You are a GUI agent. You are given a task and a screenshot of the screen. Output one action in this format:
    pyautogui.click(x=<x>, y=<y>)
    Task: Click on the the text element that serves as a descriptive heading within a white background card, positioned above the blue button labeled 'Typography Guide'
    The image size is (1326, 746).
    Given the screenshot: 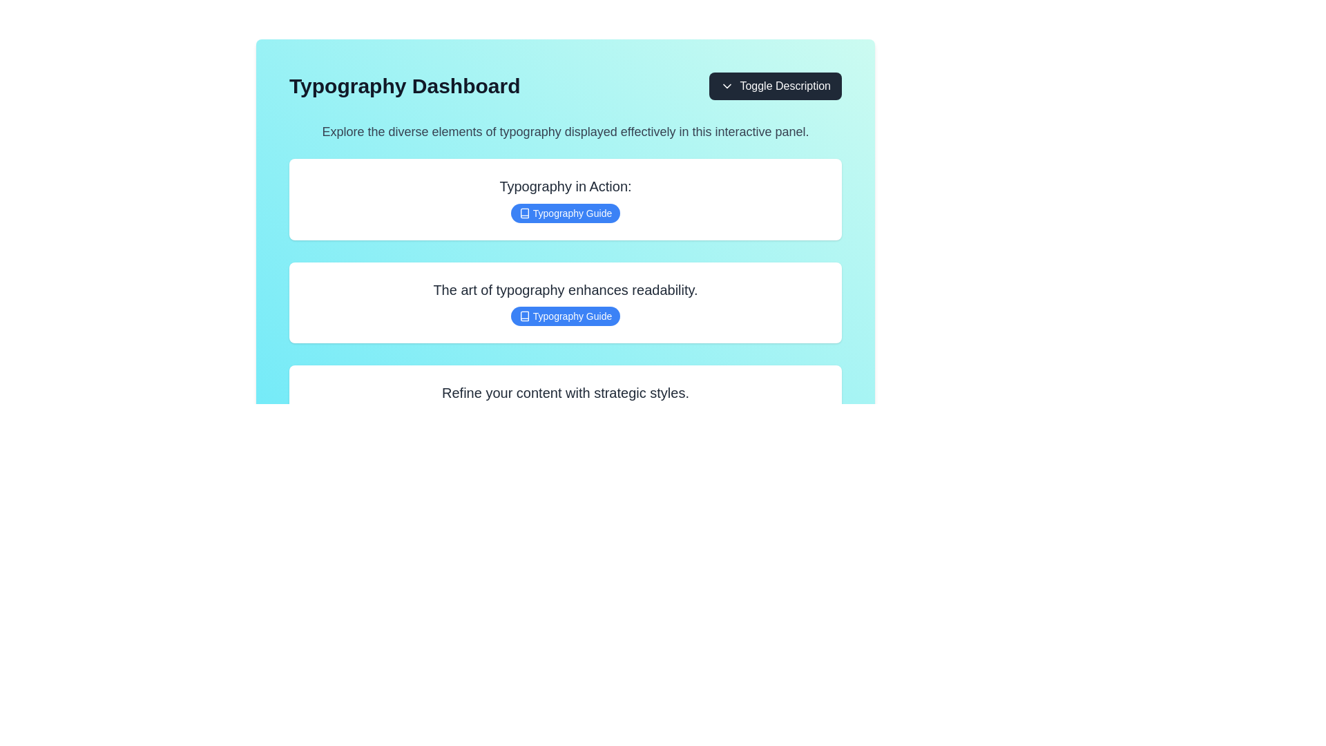 What is the action you would take?
    pyautogui.click(x=566, y=289)
    